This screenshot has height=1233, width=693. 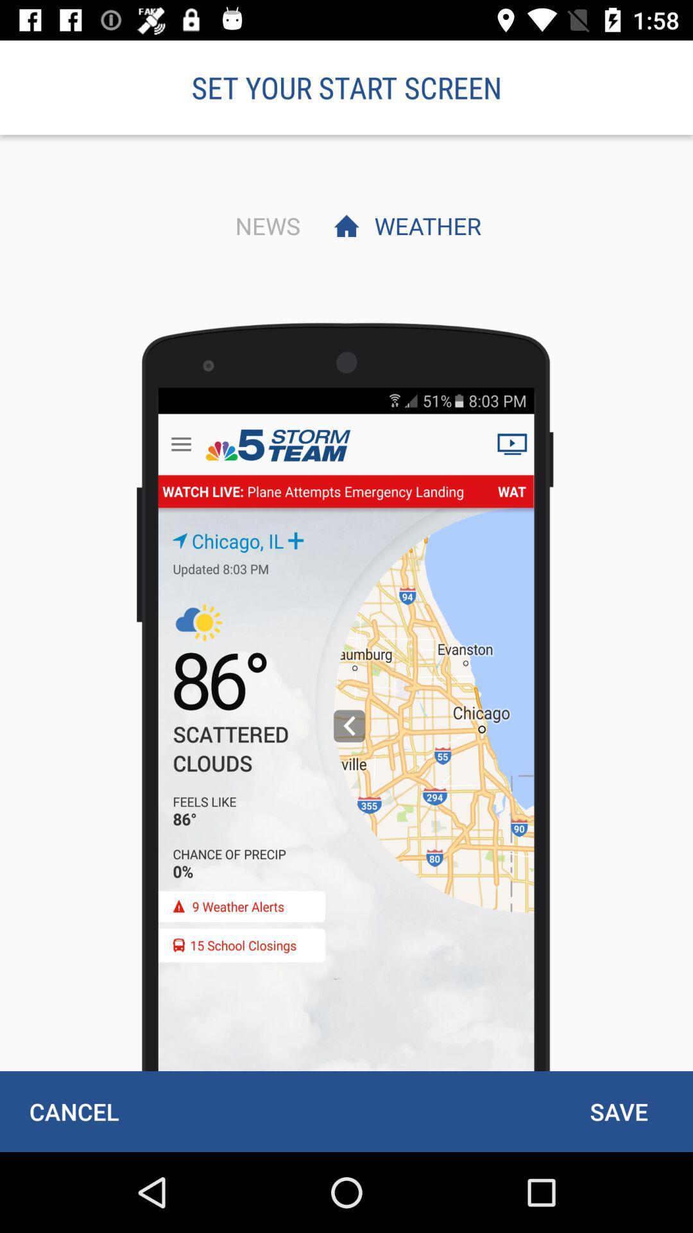 What do you see at coordinates (74, 1111) in the screenshot?
I see `cancel item` at bounding box center [74, 1111].